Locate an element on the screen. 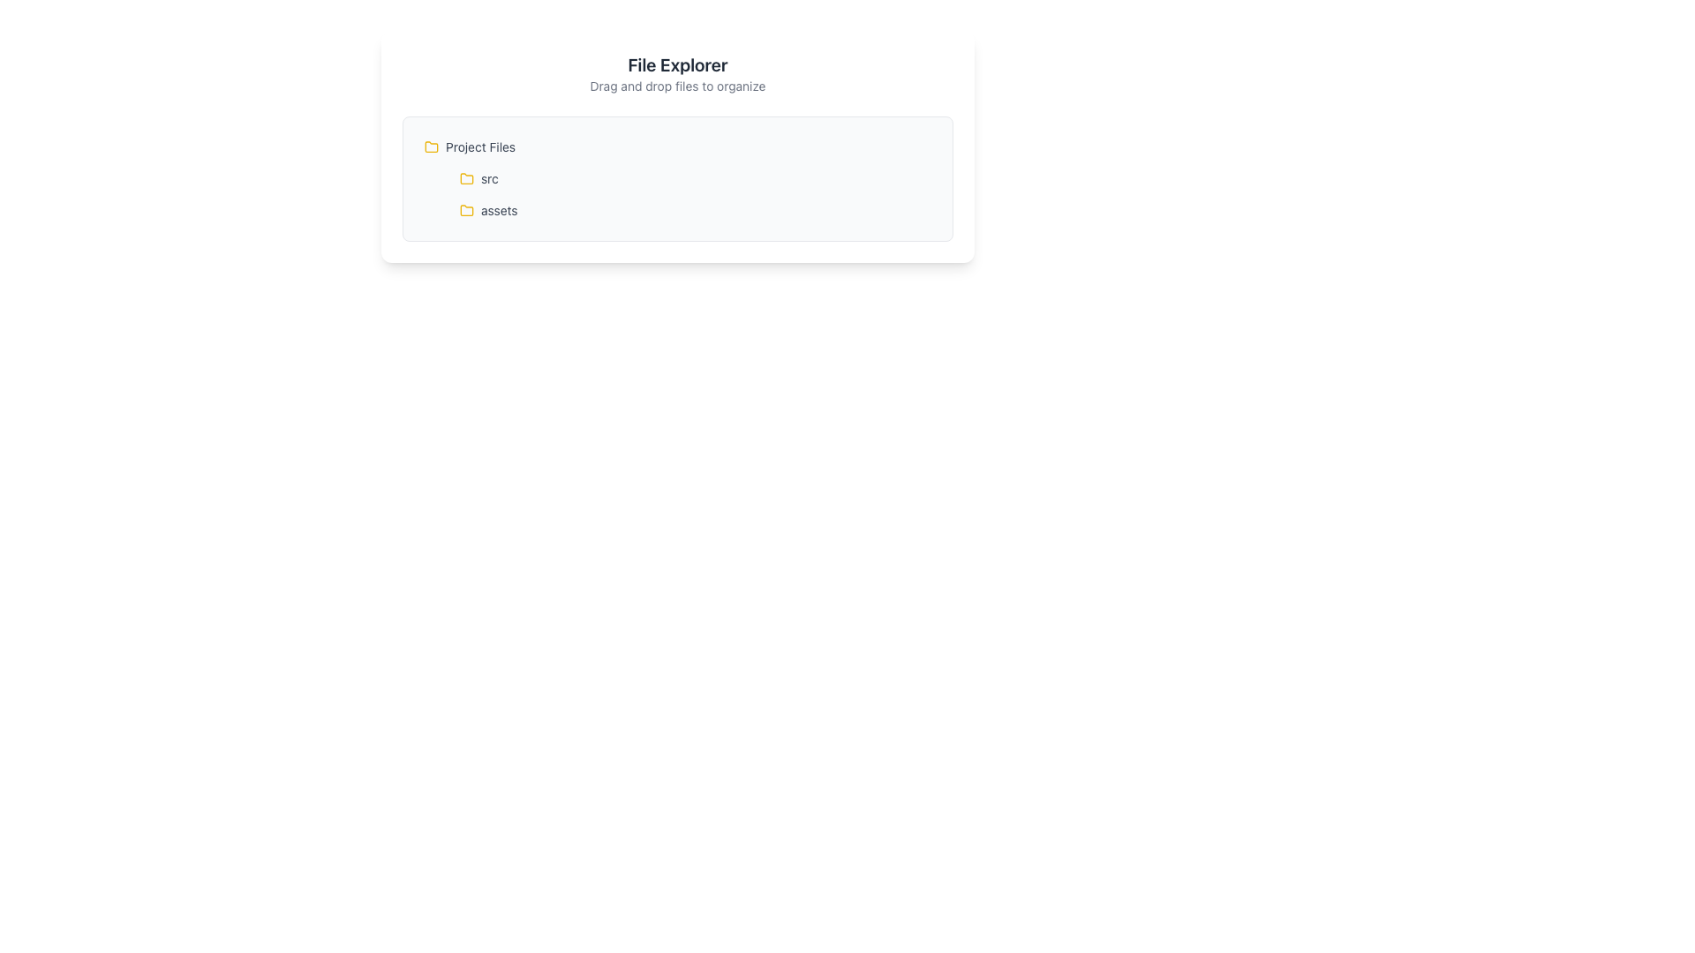 The height and width of the screenshot is (953, 1695). the ellipsis-vertical icon, which is the rightmost among a group of interactive icons in the 'File Explorer' section is located at coordinates (923, 179).